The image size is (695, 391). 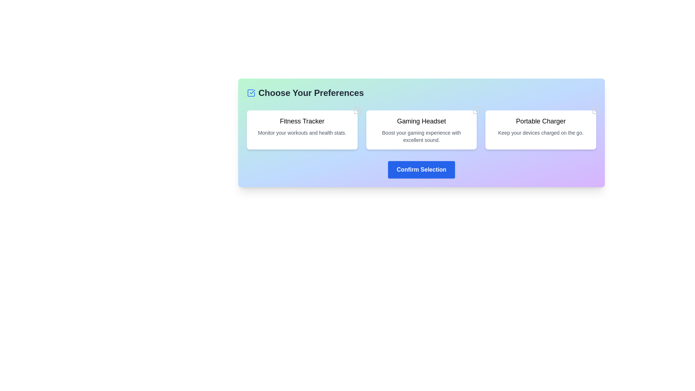 I want to click on the descriptive text label that provides information about the 'Portable Charger' card, located as the second line of text below the title within the rightmost card of three horizontal cards, so click(x=541, y=133).